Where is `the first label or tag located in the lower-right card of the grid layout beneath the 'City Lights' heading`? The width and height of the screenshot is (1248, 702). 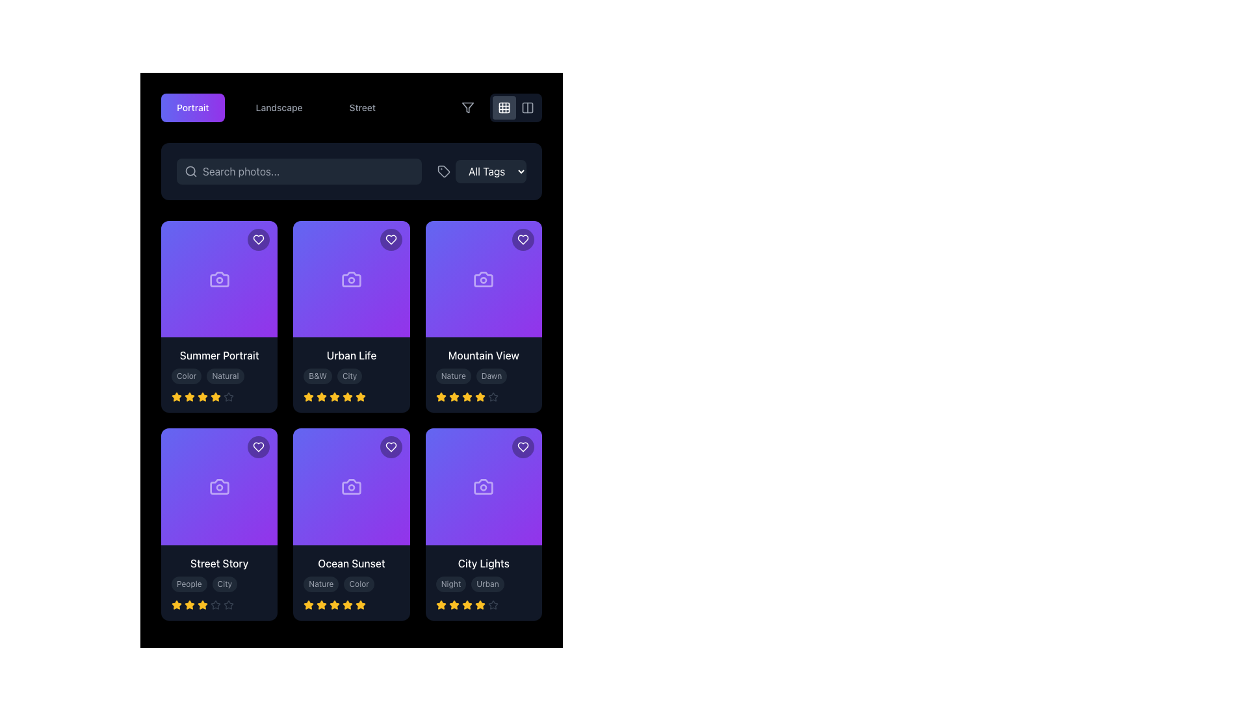
the first label or tag located in the lower-right card of the grid layout beneath the 'City Lights' heading is located at coordinates (450, 583).